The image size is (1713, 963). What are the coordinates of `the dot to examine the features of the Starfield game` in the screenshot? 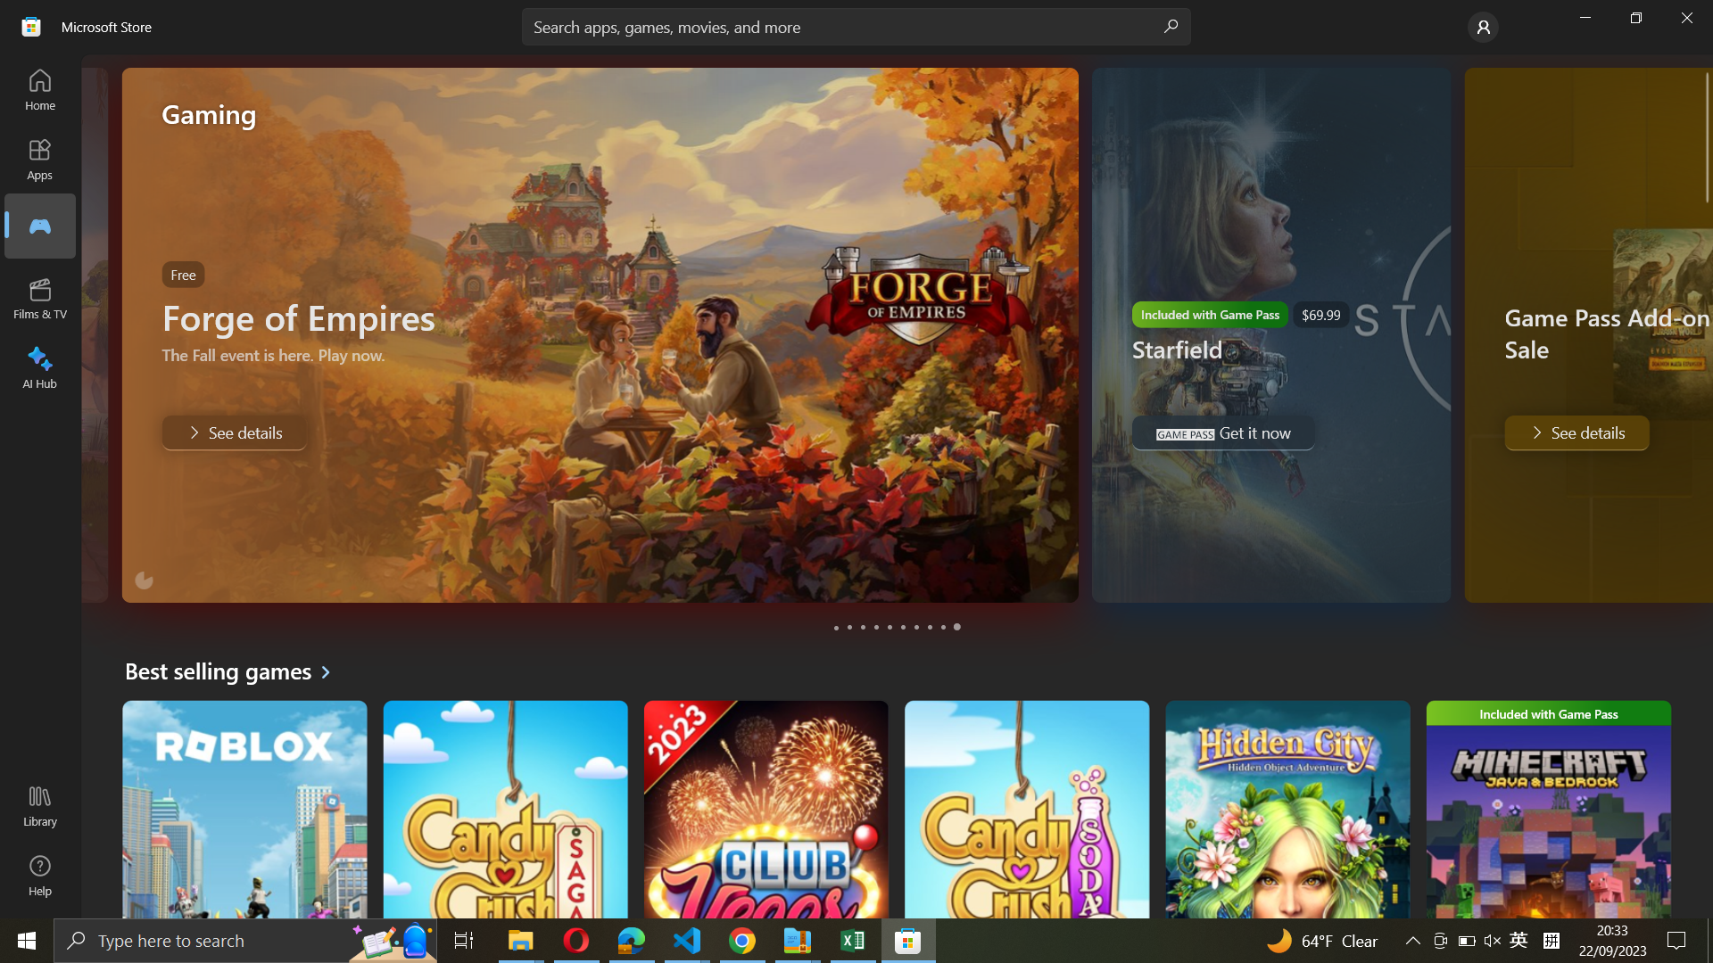 It's located at (849, 627).